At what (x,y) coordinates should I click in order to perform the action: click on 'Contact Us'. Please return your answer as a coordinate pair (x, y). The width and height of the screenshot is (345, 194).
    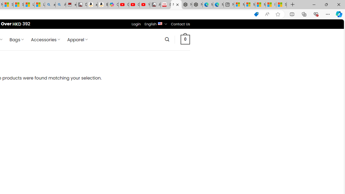
    Looking at the image, I should click on (180, 24).